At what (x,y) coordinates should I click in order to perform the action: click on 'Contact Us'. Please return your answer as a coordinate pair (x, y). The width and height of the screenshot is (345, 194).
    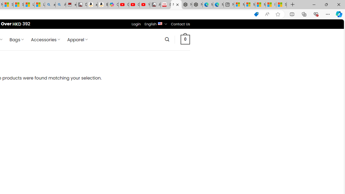
    Looking at the image, I should click on (180, 24).